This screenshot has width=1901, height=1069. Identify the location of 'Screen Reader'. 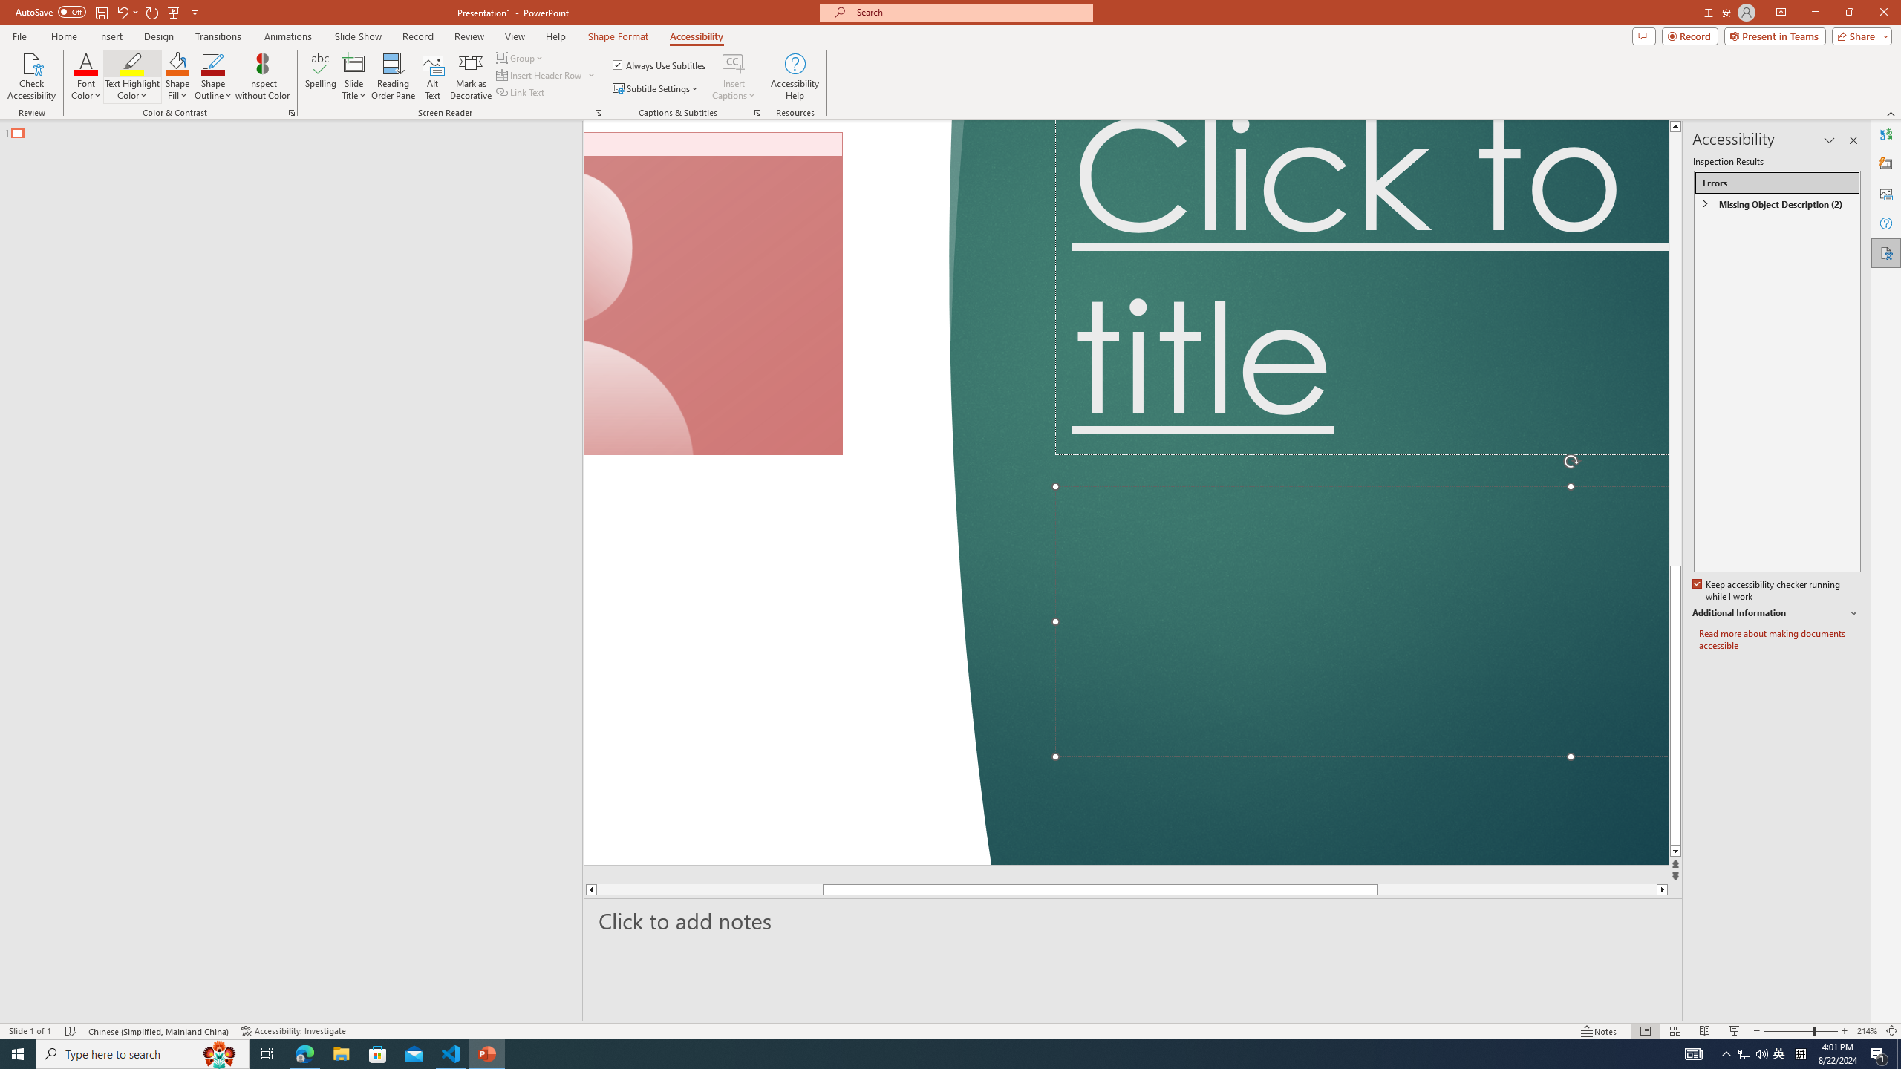
(599, 111).